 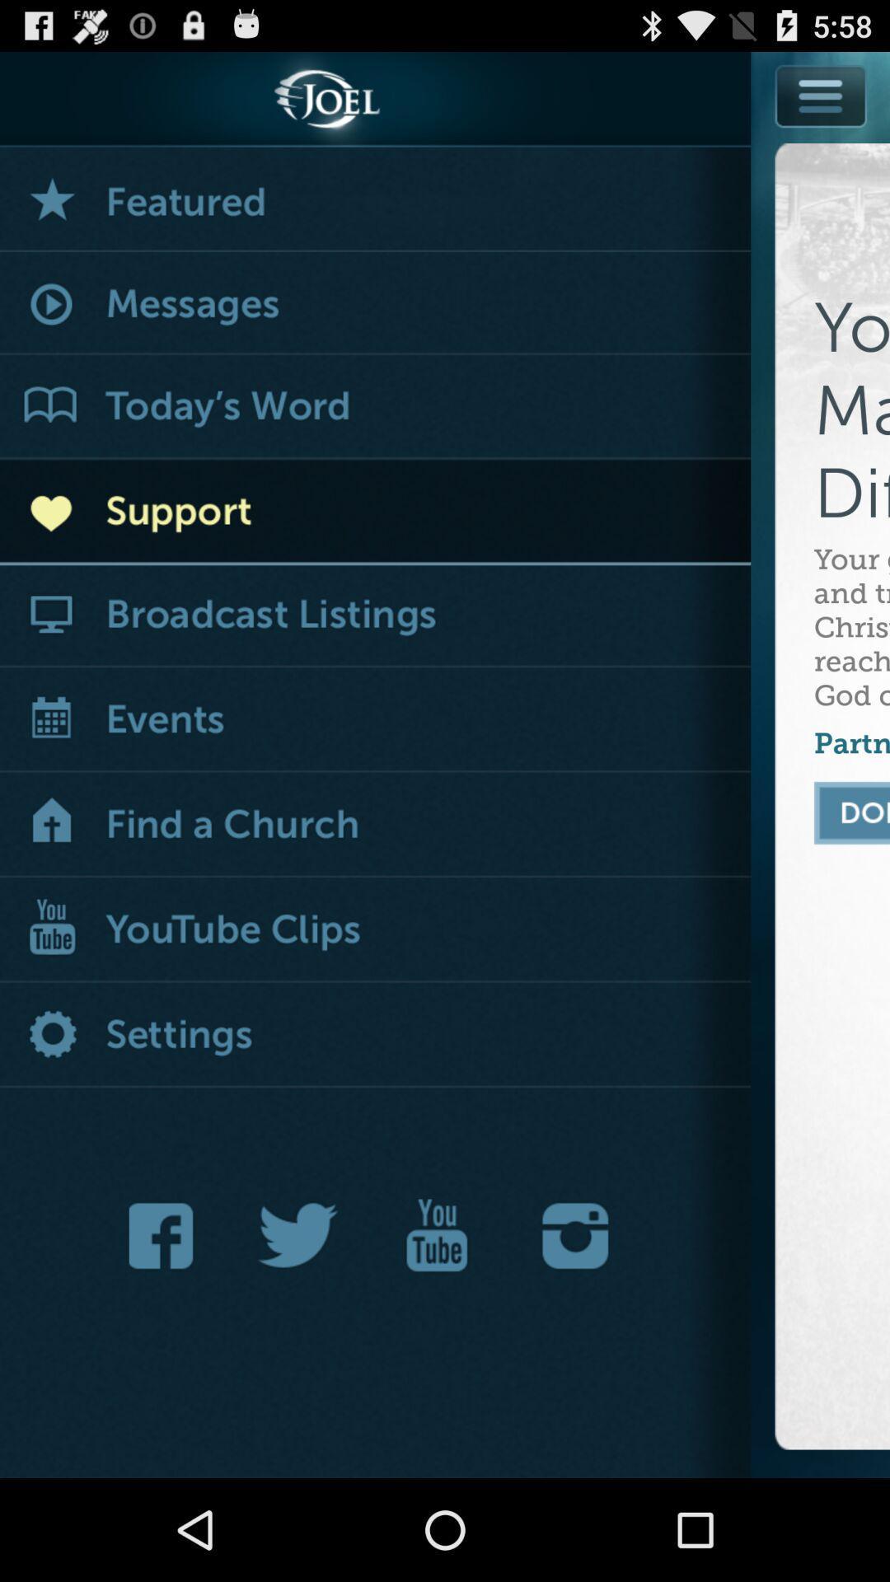 I want to click on app next to the your gift helps icon, so click(x=375, y=721).